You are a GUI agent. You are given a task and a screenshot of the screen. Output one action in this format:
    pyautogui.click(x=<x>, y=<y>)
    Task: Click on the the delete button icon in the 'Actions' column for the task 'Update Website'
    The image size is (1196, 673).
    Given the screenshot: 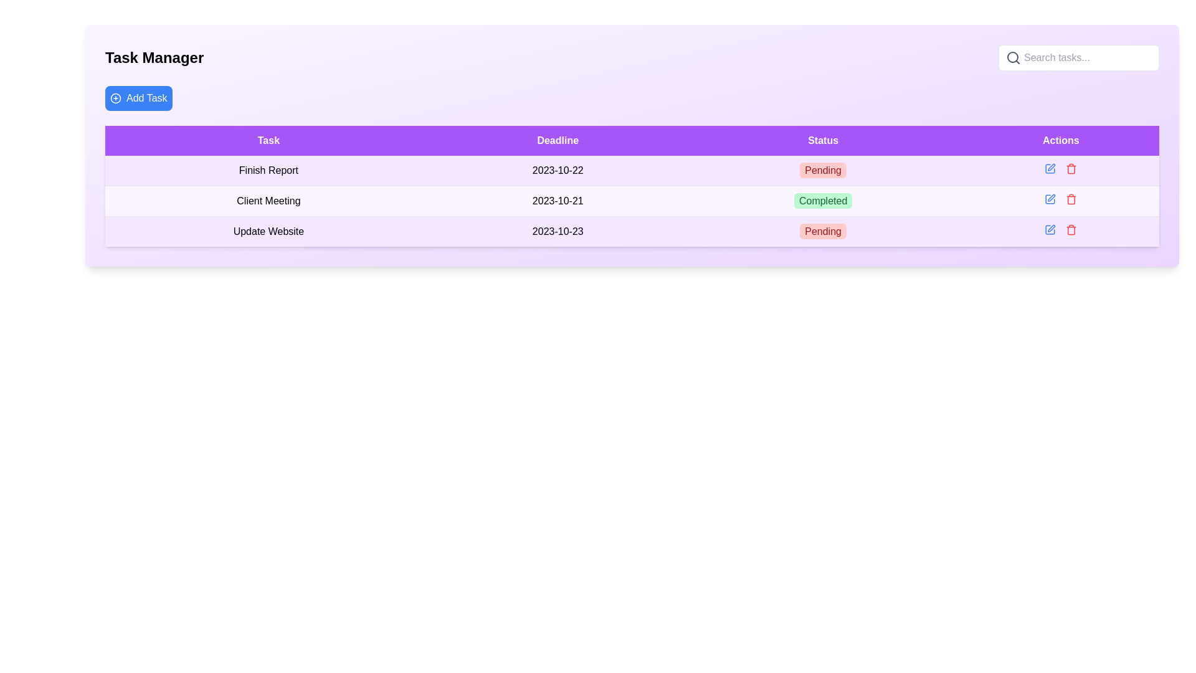 What is the action you would take?
    pyautogui.click(x=1071, y=230)
    